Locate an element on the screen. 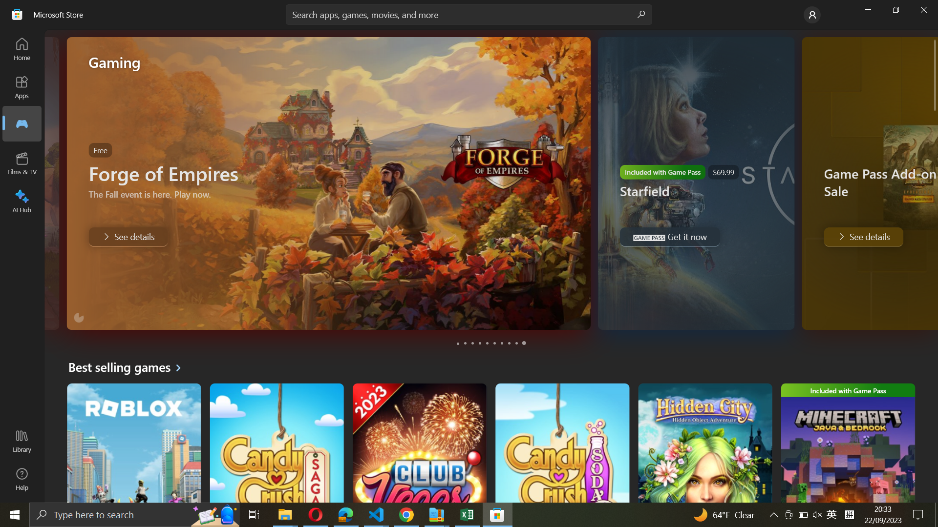 The image size is (938, 527). Best selling games section is located at coordinates (128, 367).